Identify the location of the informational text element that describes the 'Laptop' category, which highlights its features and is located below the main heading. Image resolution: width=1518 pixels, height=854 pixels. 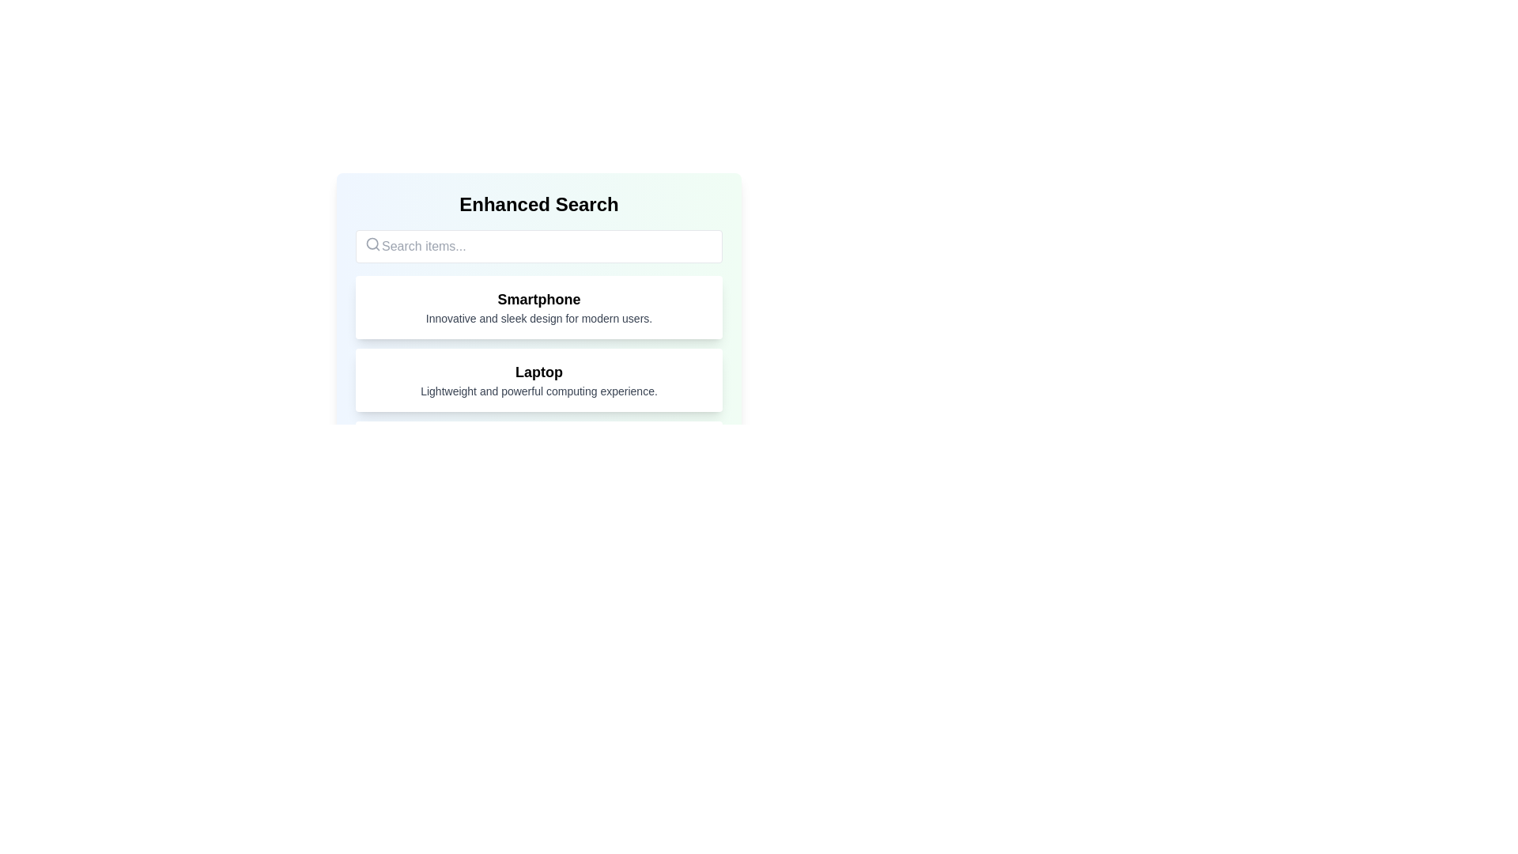
(538, 391).